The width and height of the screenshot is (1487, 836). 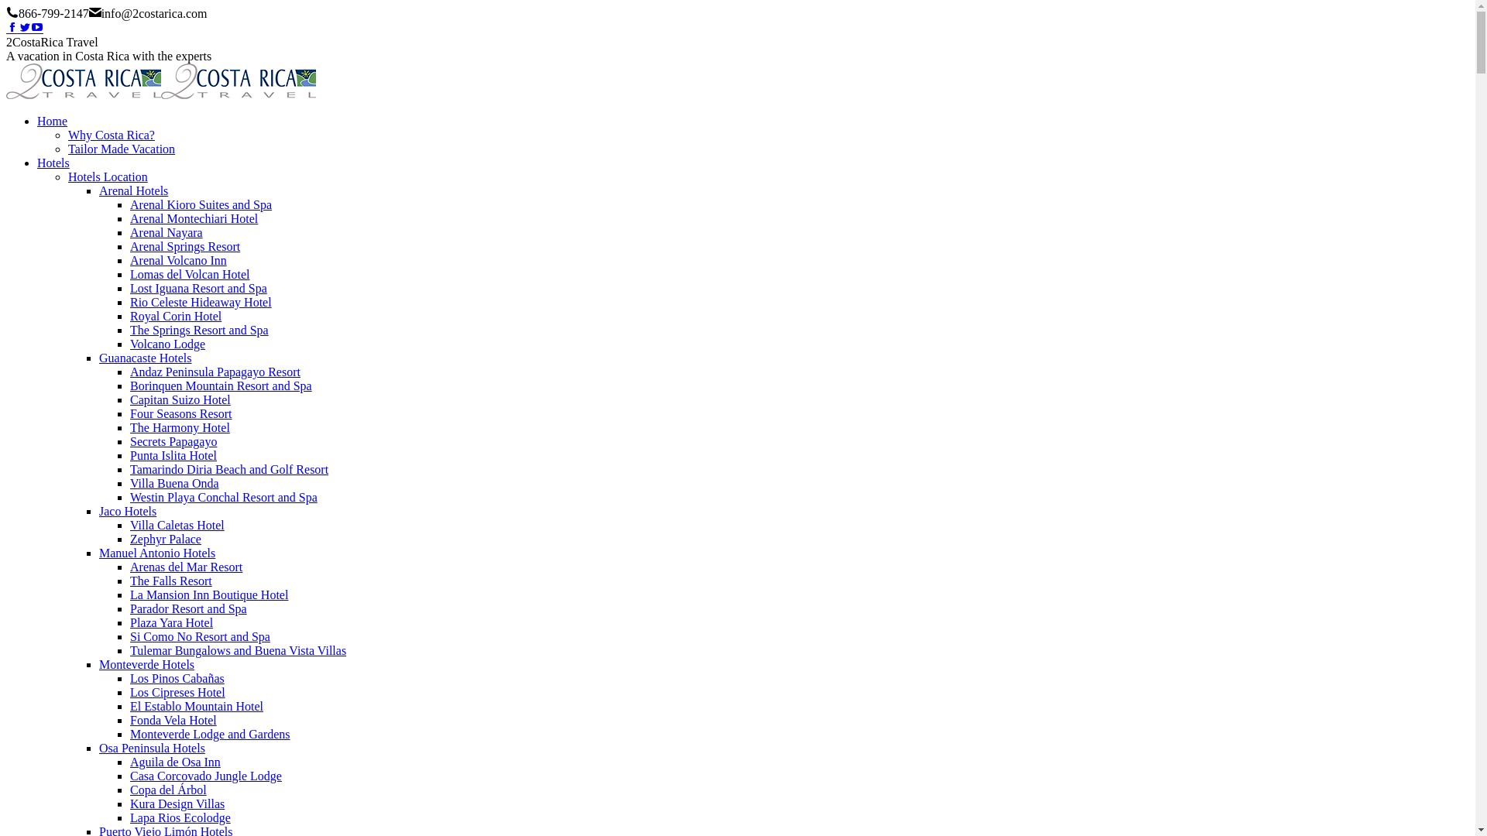 What do you see at coordinates (209, 733) in the screenshot?
I see `'Monteverde Lodge and Gardens'` at bounding box center [209, 733].